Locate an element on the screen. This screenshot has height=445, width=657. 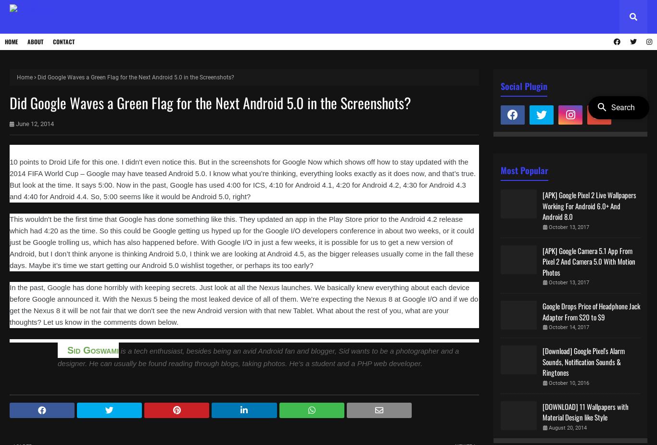
'October 14, 2017' is located at coordinates (549, 327).